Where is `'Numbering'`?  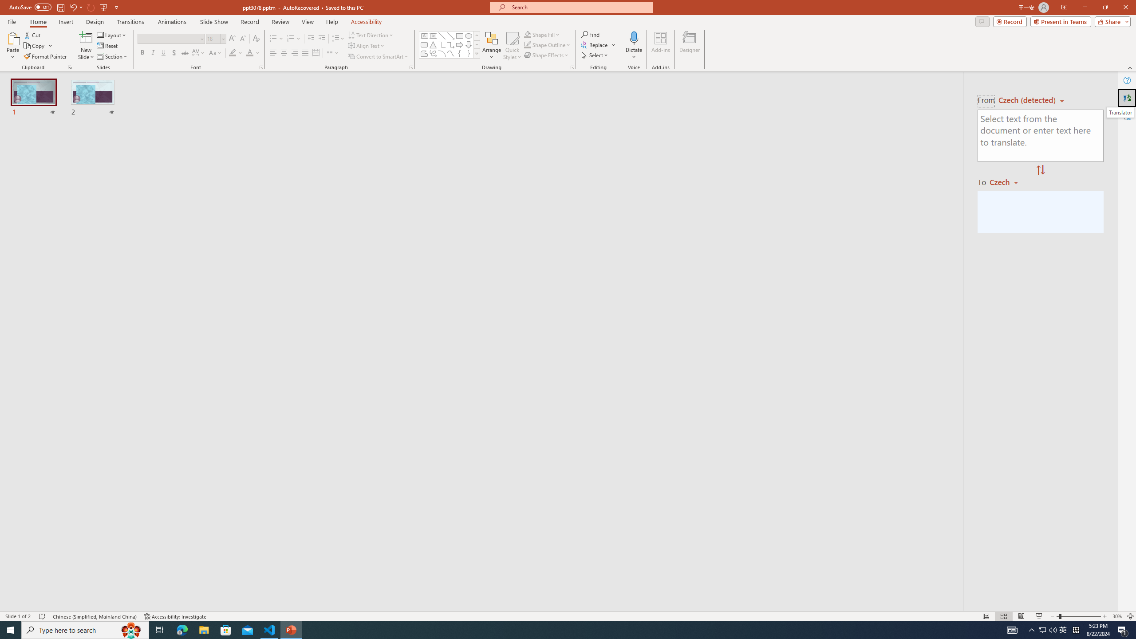
'Numbering' is located at coordinates (291, 39).